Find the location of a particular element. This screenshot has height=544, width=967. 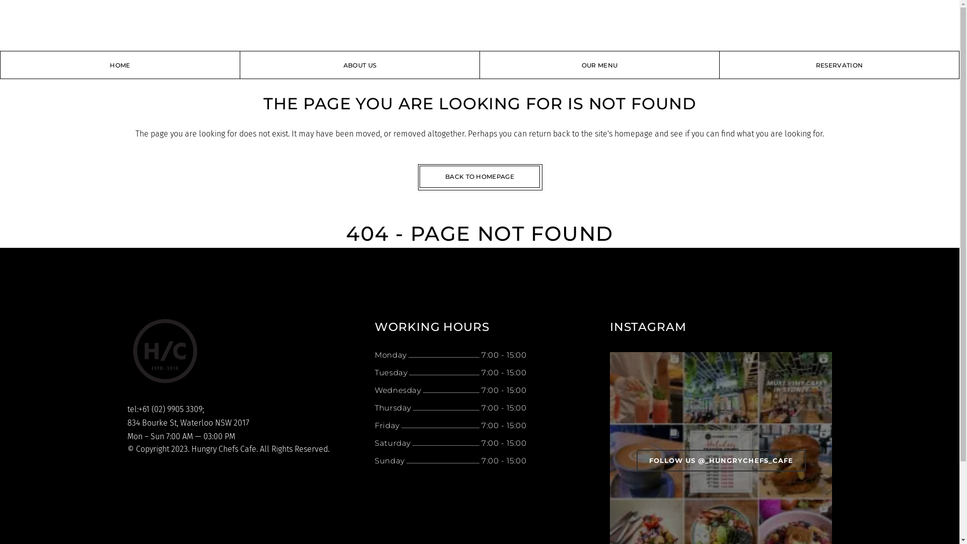

'RESERVATION' is located at coordinates (839, 66).